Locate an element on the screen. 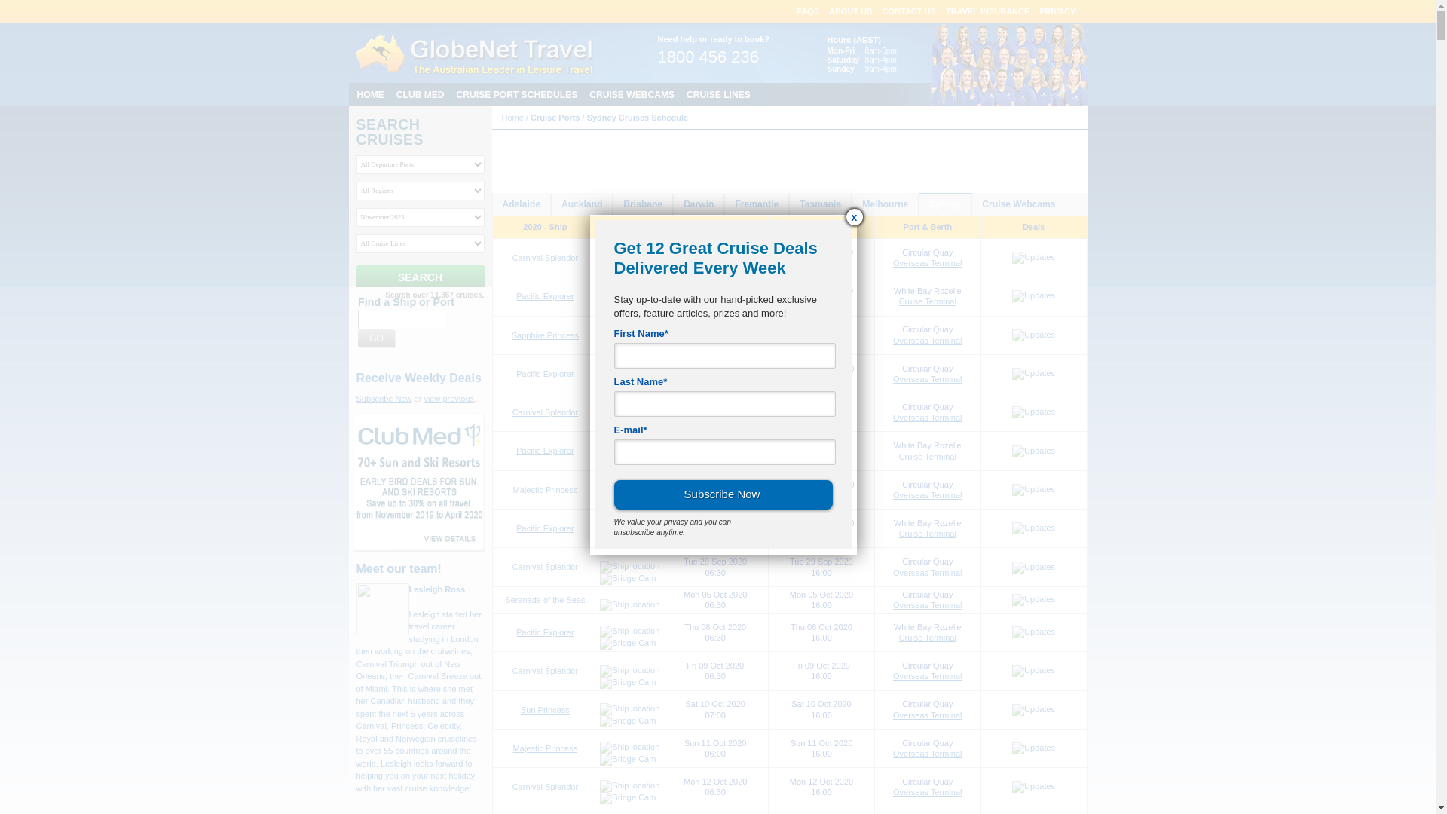 This screenshot has width=1447, height=814. 'Bridge Cam' is located at coordinates (599, 720).